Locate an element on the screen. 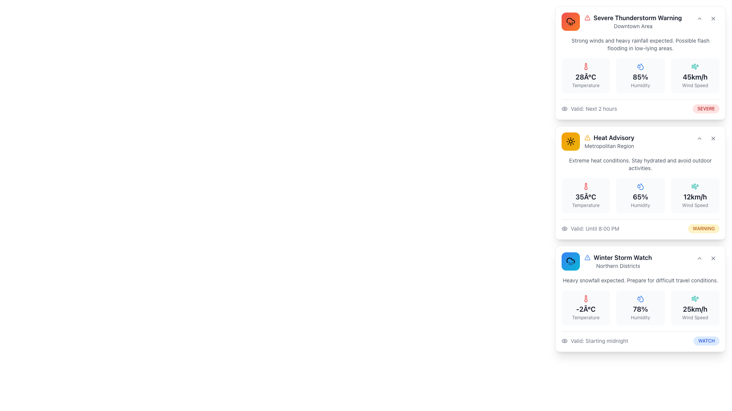 The image size is (732, 411). the small triangular warning icon with a blue border located immediately to the left of the 'Winter Storm Watch' title to receive more detailed alert information is located at coordinates (587, 257).